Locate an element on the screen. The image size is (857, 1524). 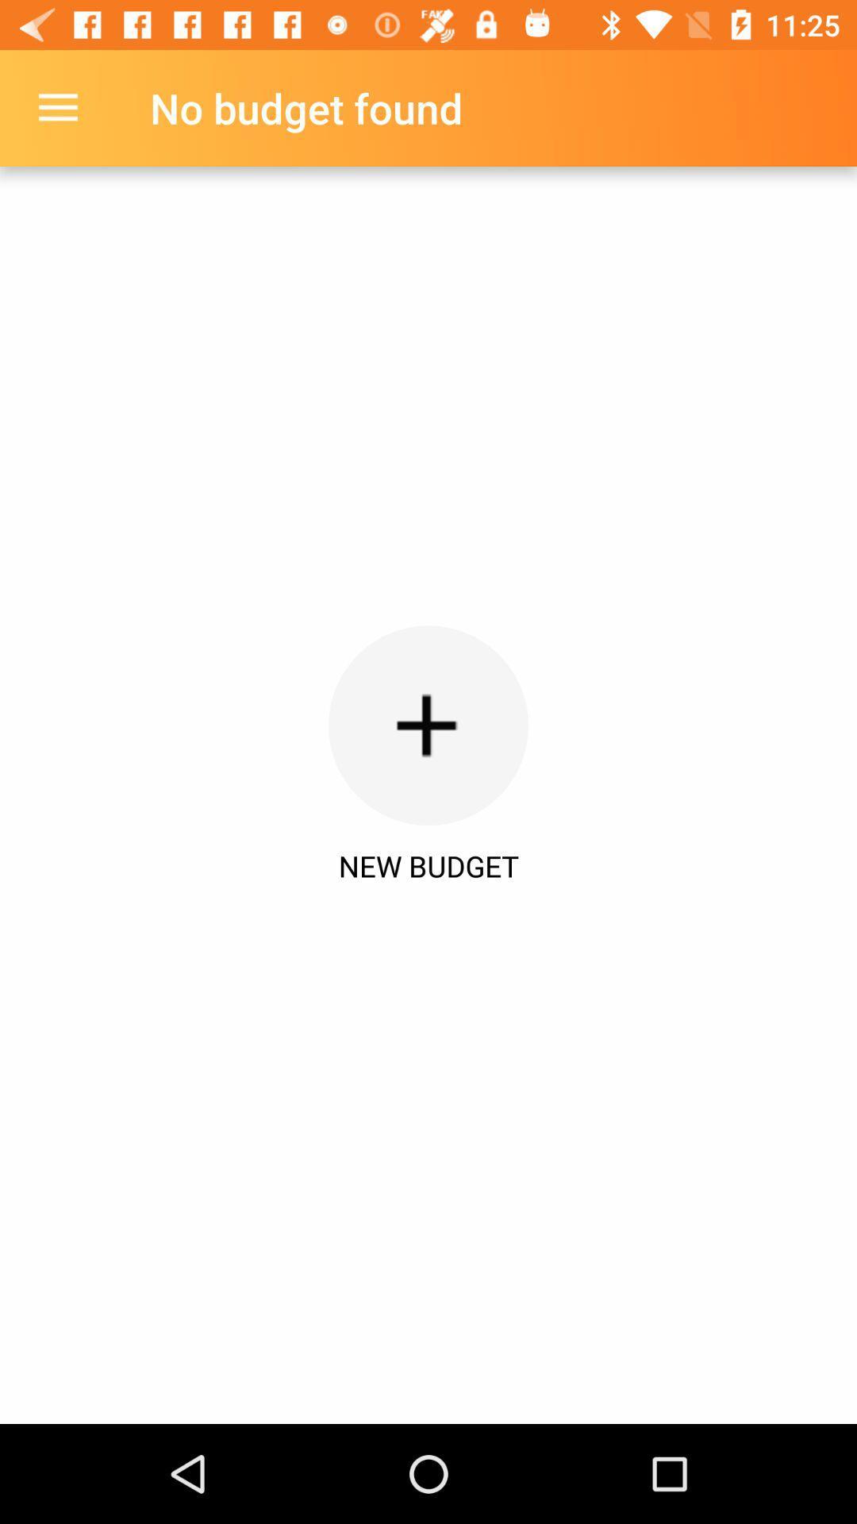
the item below the no budget found is located at coordinates (428, 725).